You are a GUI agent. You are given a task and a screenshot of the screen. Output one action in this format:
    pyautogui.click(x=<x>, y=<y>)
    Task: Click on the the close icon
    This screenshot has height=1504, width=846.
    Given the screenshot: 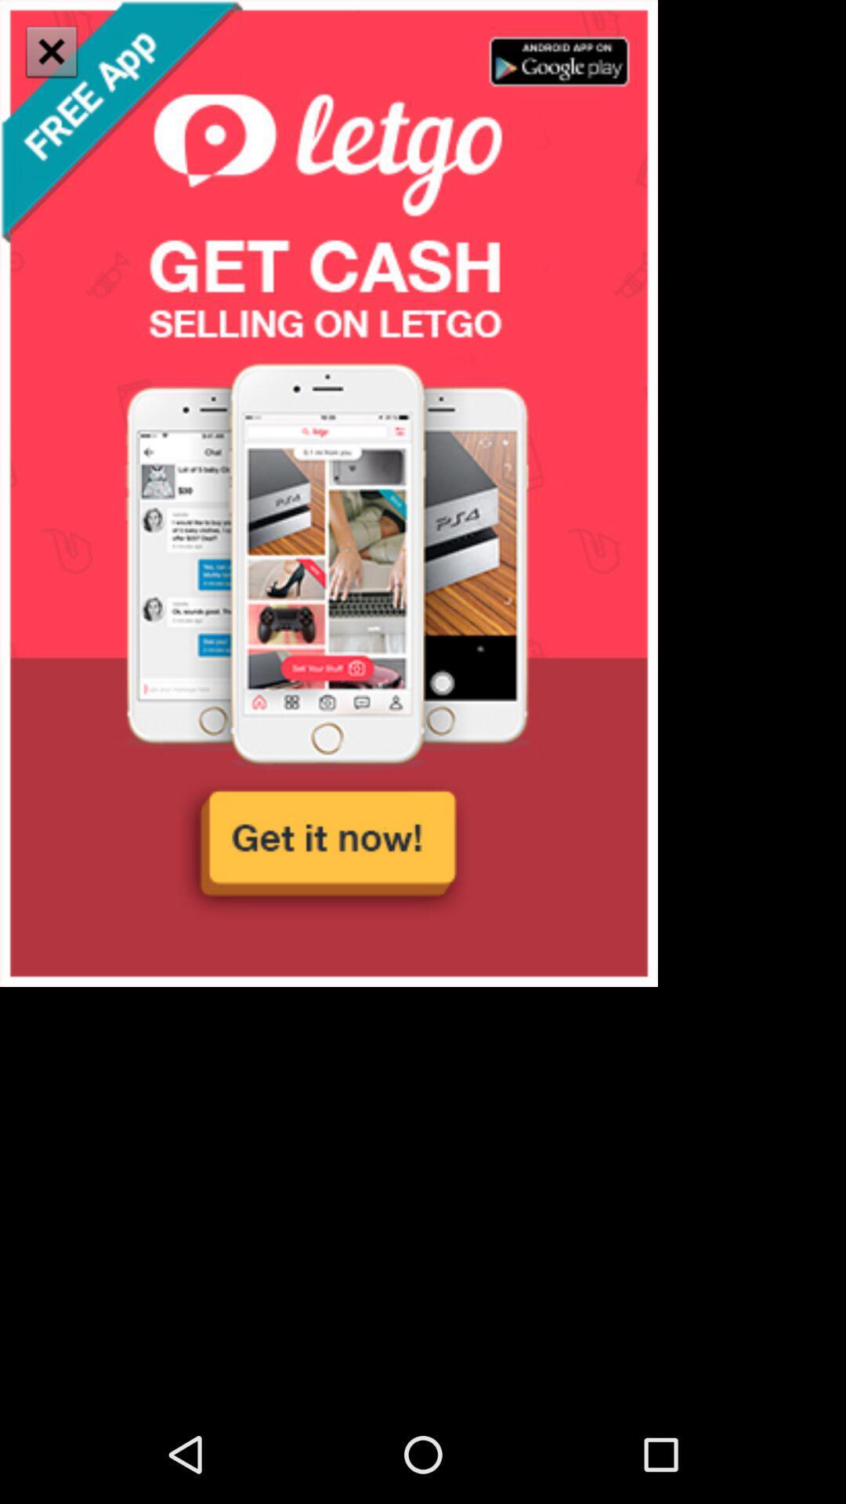 What is the action you would take?
    pyautogui.click(x=50, y=55)
    